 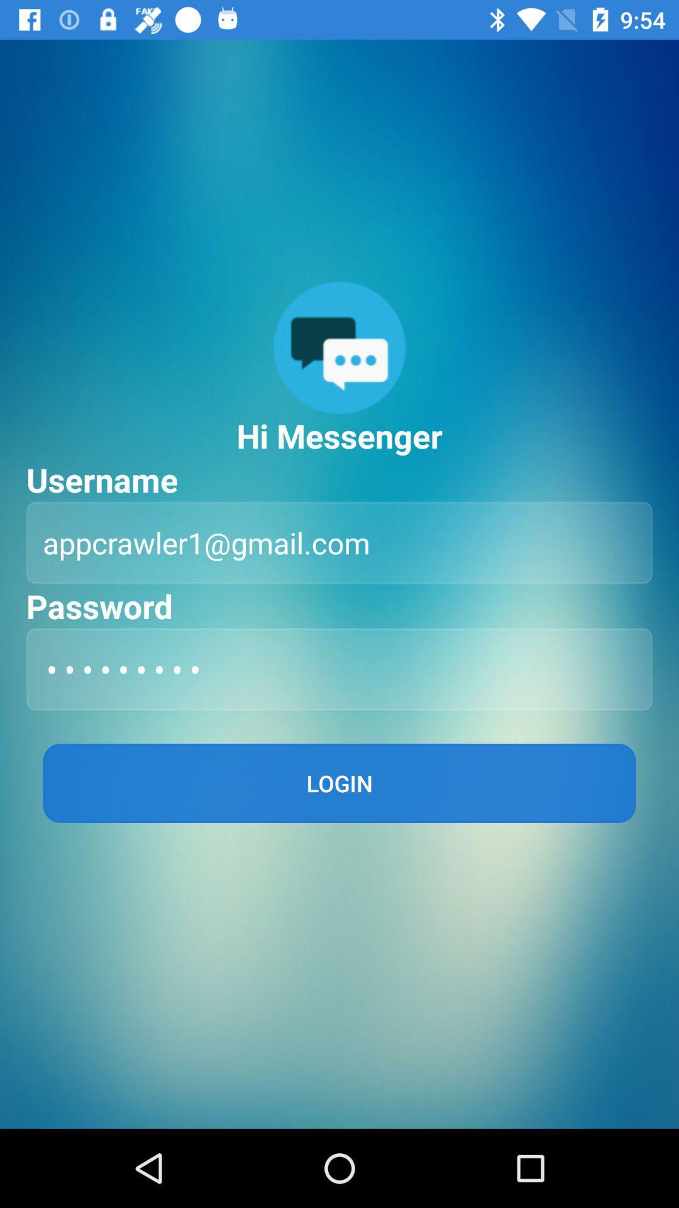 What do you see at coordinates (339, 542) in the screenshot?
I see `appcrawler1@gmail.com item` at bounding box center [339, 542].